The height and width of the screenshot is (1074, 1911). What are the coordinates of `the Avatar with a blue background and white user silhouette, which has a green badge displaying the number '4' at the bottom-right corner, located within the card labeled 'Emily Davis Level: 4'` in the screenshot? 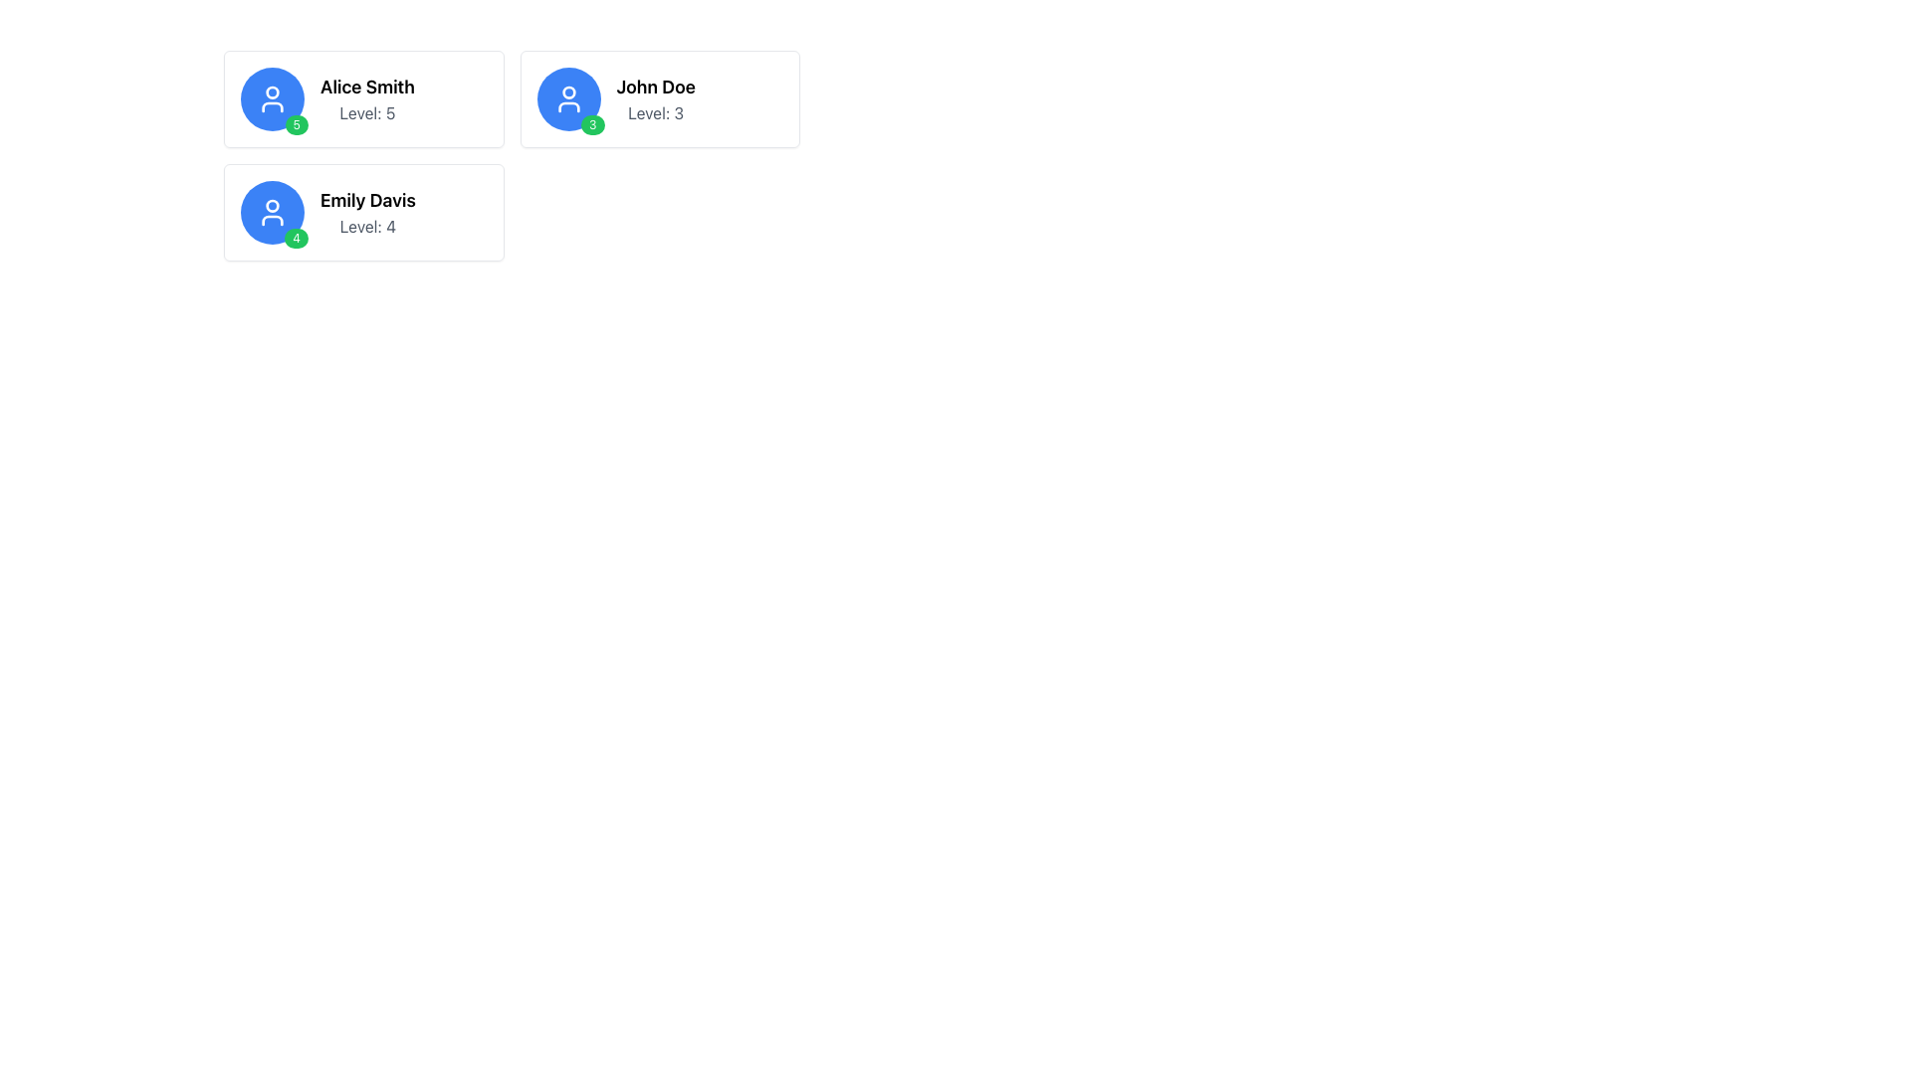 It's located at (271, 212).